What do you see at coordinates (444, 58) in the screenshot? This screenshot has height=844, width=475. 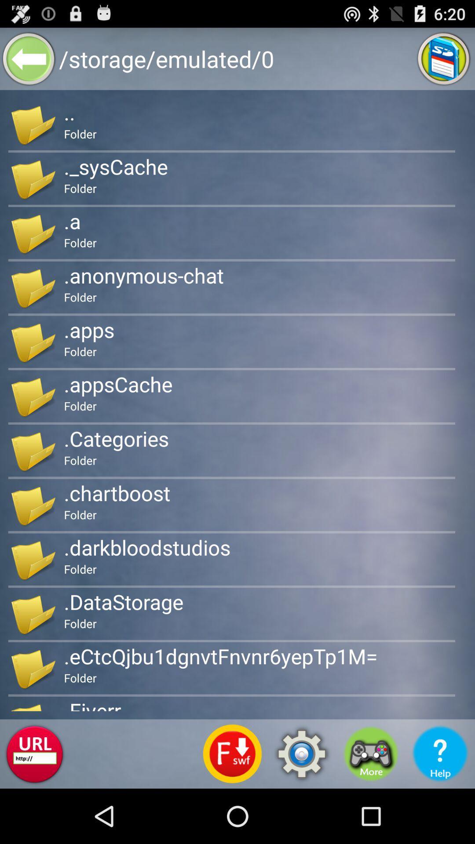 I see `sd card storage` at bounding box center [444, 58].